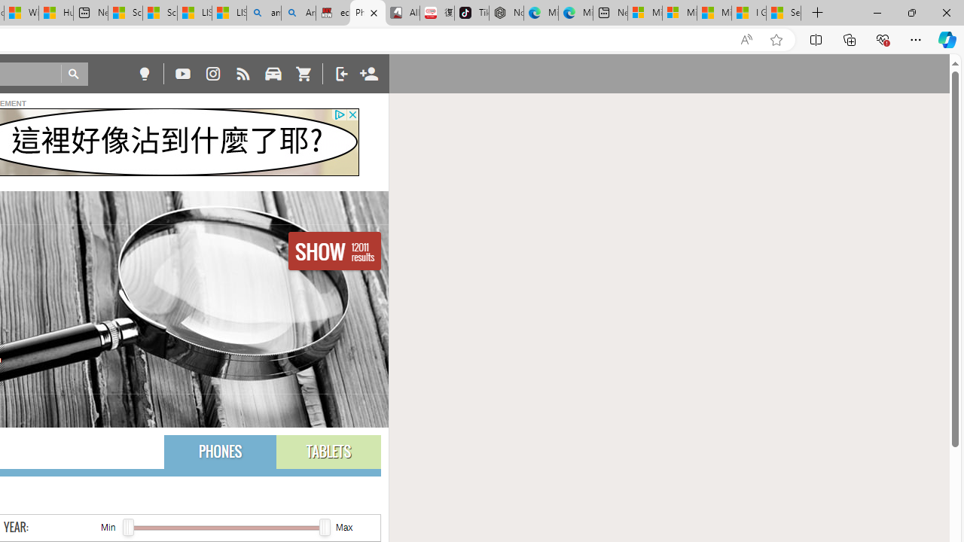 The width and height of the screenshot is (964, 542). What do you see at coordinates (328, 451) in the screenshot?
I see `'TABLETS'` at bounding box center [328, 451].